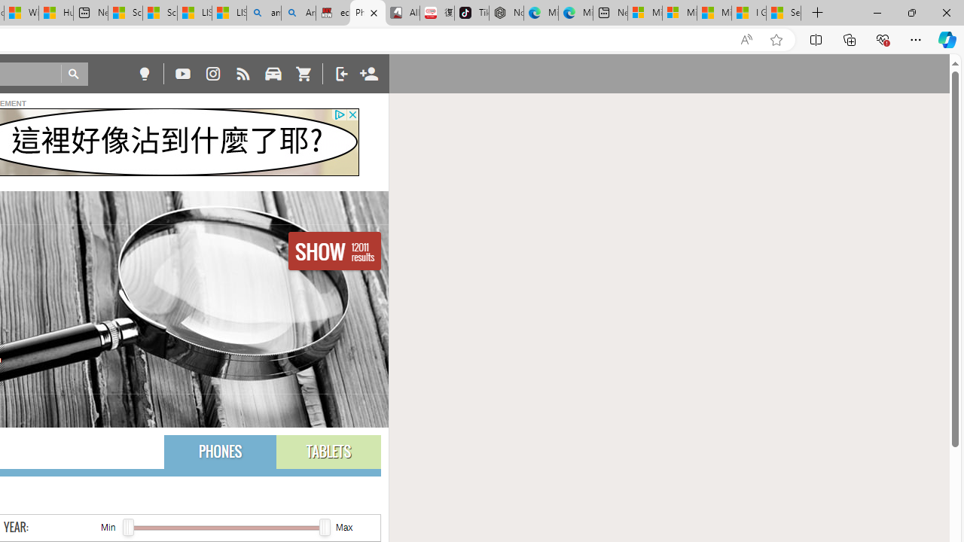 The width and height of the screenshot is (964, 542). What do you see at coordinates (328, 451) in the screenshot?
I see `'TABLETS'` at bounding box center [328, 451].